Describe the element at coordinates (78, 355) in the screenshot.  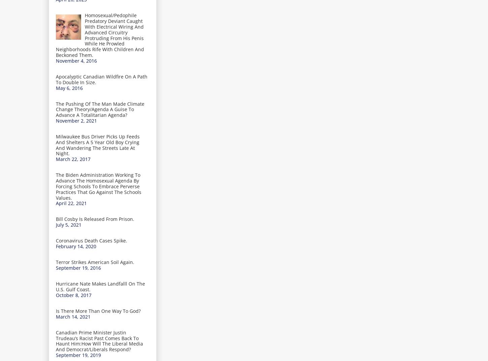
I see `'September 19, 2019'` at that location.